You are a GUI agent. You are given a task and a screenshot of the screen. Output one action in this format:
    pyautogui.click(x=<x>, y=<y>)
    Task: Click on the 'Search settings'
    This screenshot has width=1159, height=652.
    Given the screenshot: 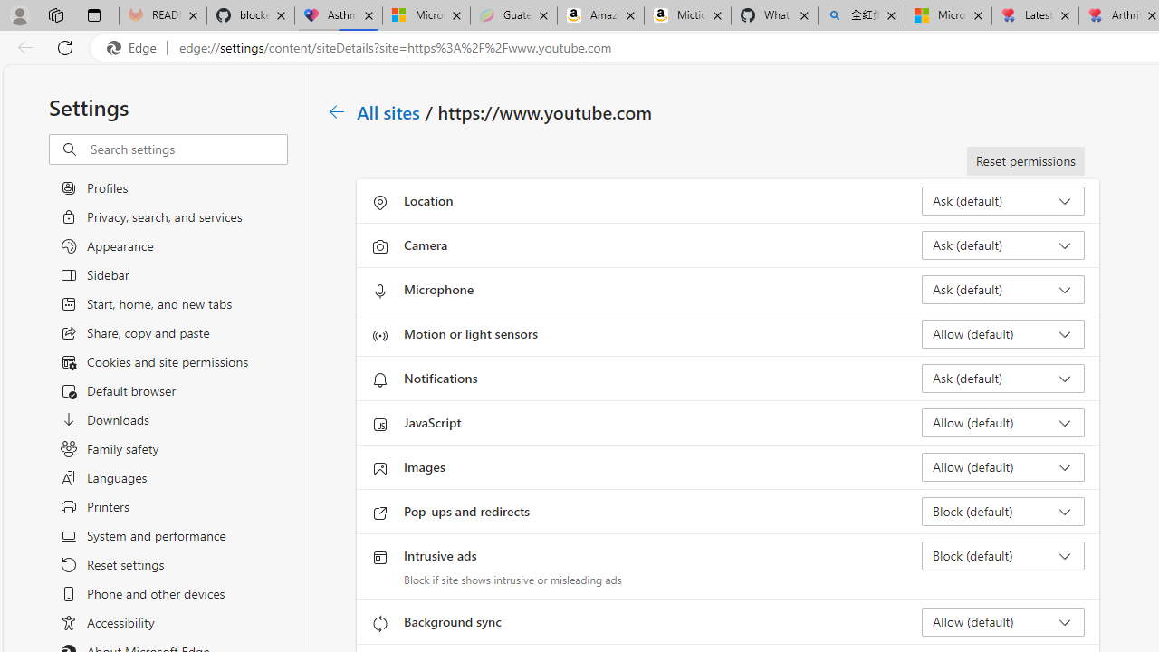 What is the action you would take?
    pyautogui.click(x=188, y=149)
    